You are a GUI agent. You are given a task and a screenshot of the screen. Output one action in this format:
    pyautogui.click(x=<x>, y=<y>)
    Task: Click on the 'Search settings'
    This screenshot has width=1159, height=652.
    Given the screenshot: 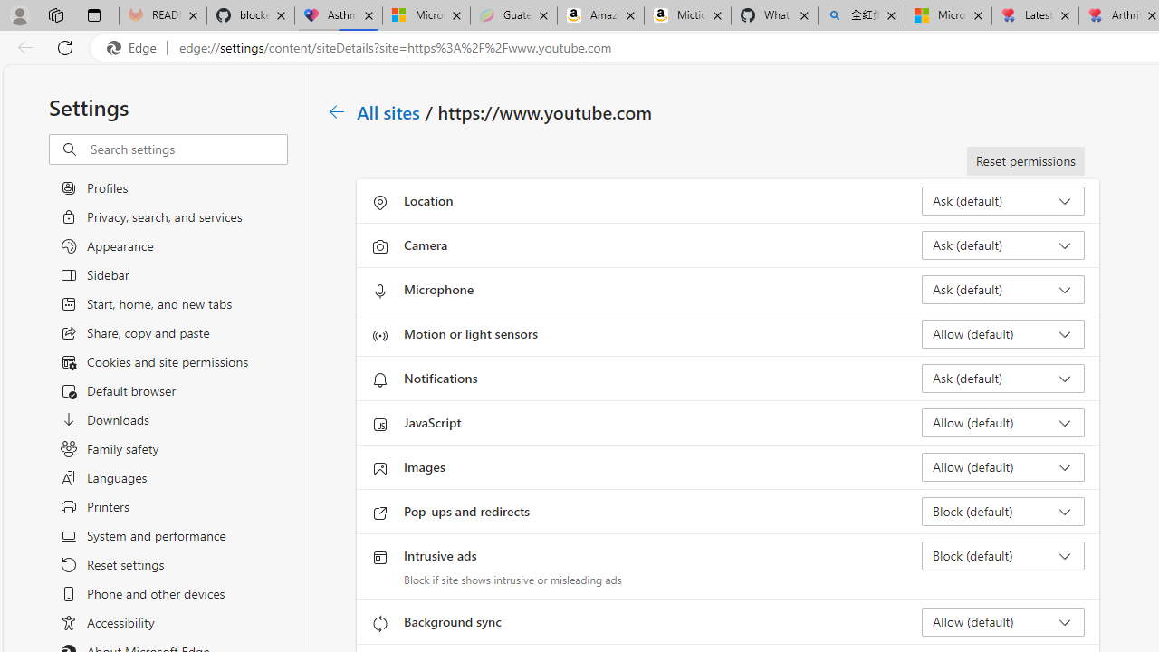 What is the action you would take?
    pyautogui.click(x=188, y=149)
    